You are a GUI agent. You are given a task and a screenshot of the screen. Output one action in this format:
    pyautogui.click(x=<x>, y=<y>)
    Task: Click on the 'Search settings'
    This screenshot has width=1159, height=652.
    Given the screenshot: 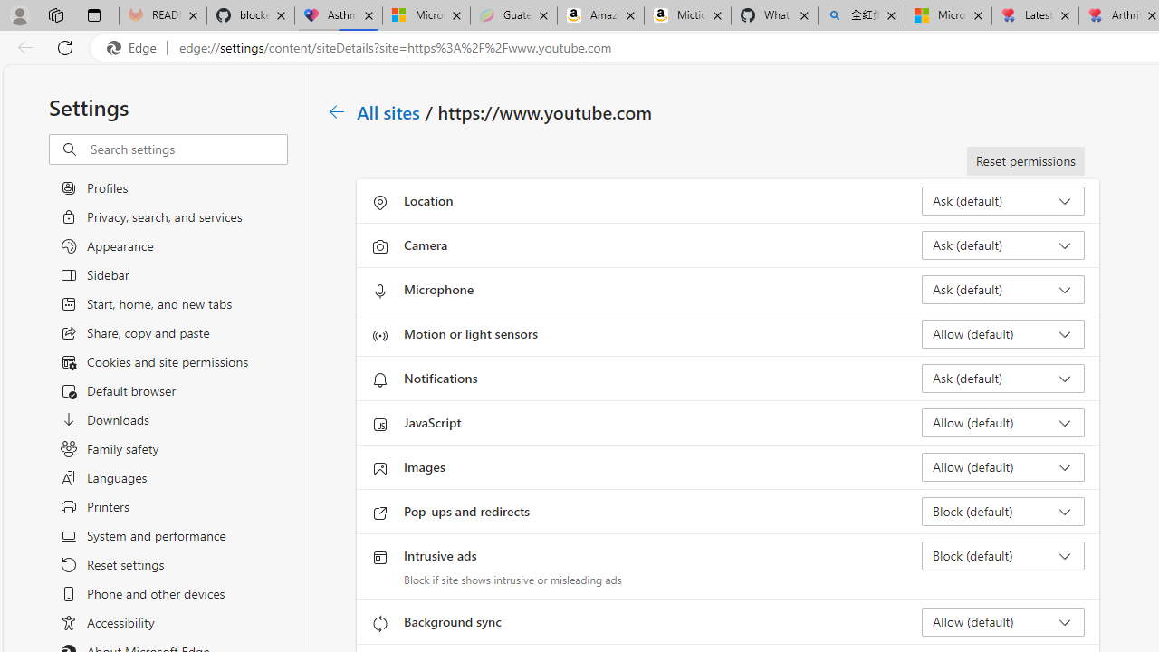 What is the action you would take?
    pyautogui.click(x=188, y=149)
    